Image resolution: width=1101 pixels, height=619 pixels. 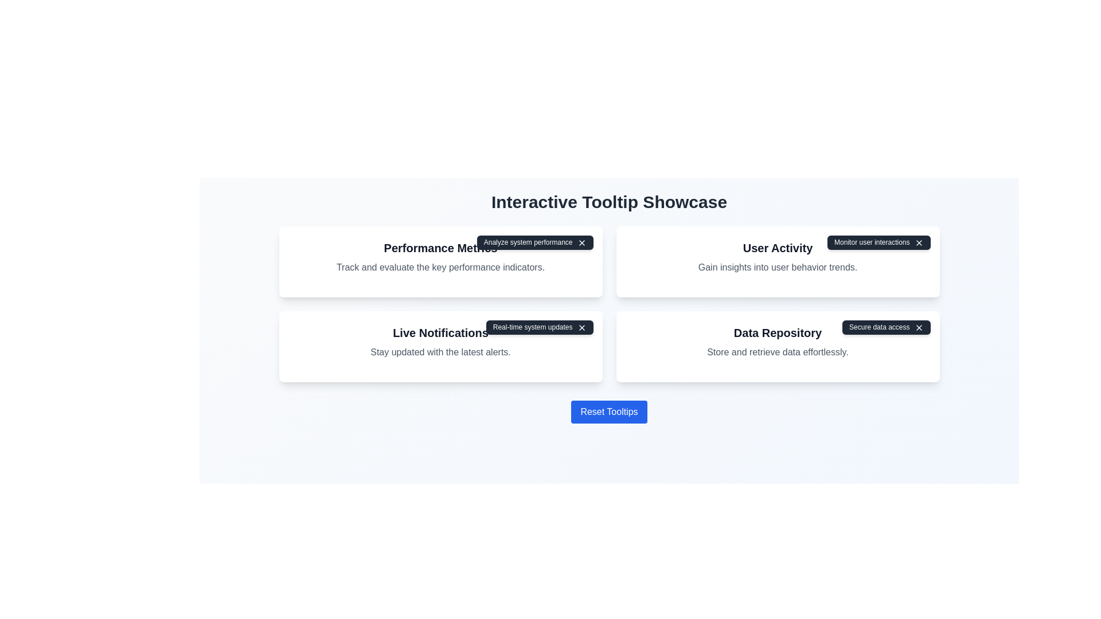 What do you see at coordinates (608, 202) in the screenshot?
I see `the header text indicating 'Interactive Tooltip Showcase' located at the top middle of the interface, above the grid of information cards` at bounding box center [608, 202].